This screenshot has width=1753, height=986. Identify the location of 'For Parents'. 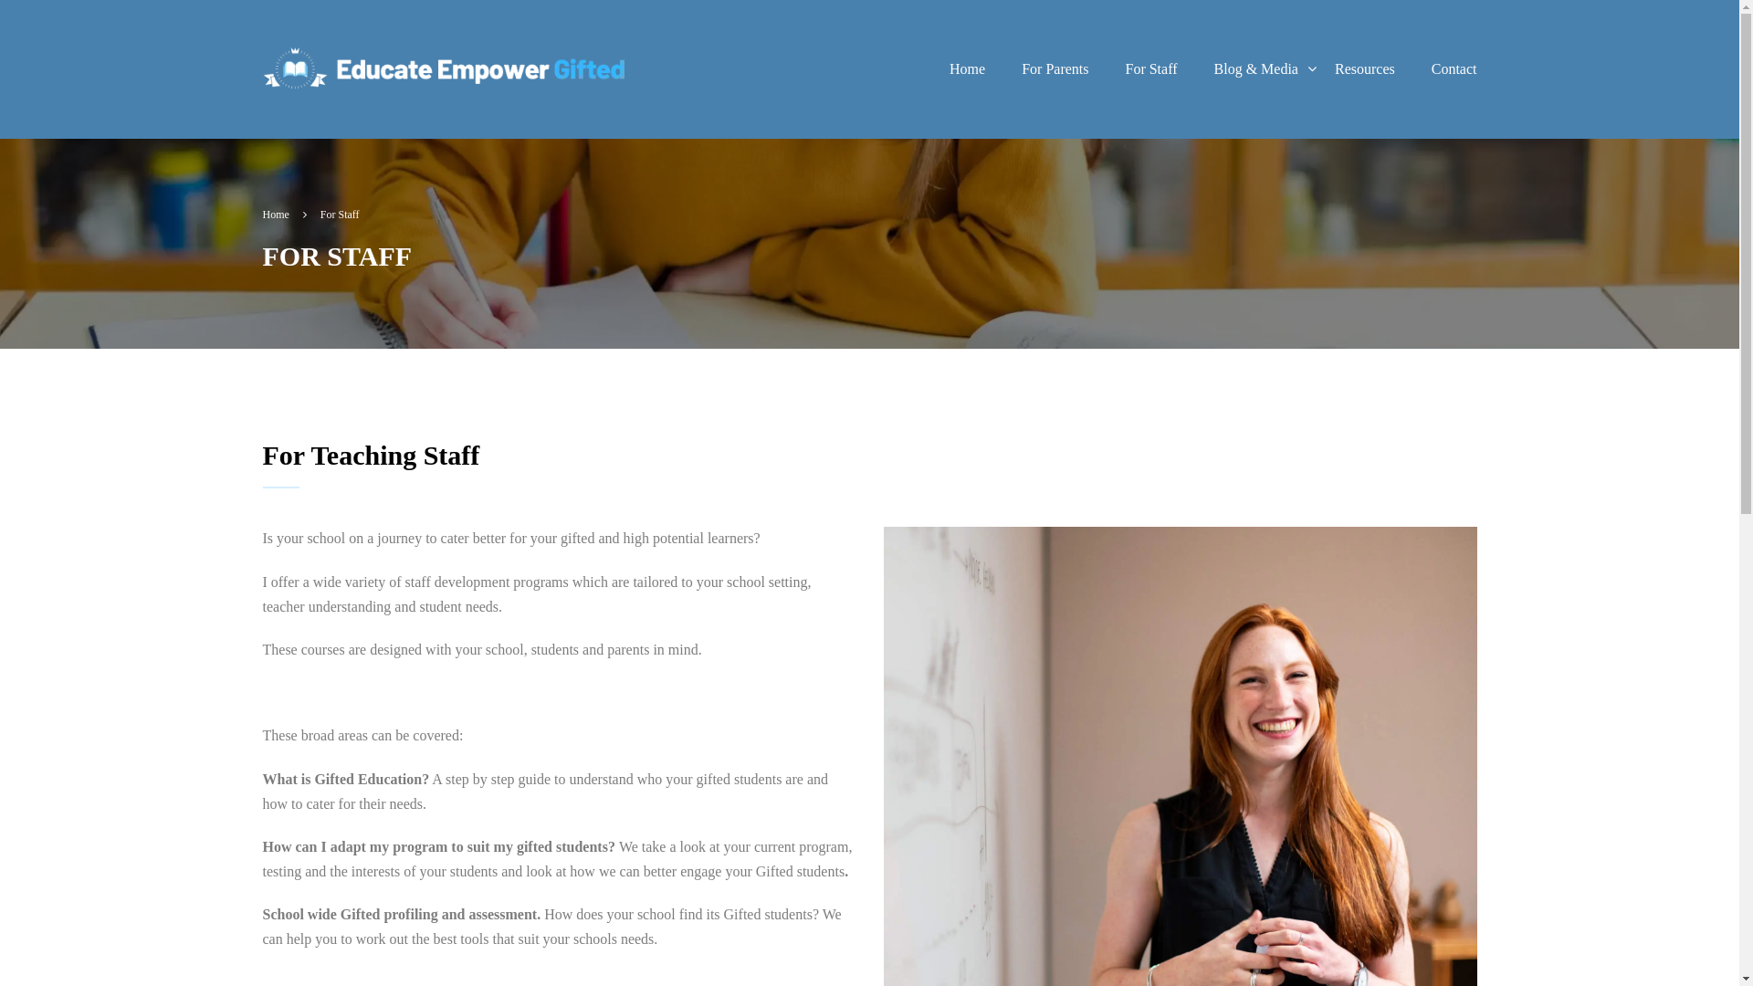
(1002, 68).